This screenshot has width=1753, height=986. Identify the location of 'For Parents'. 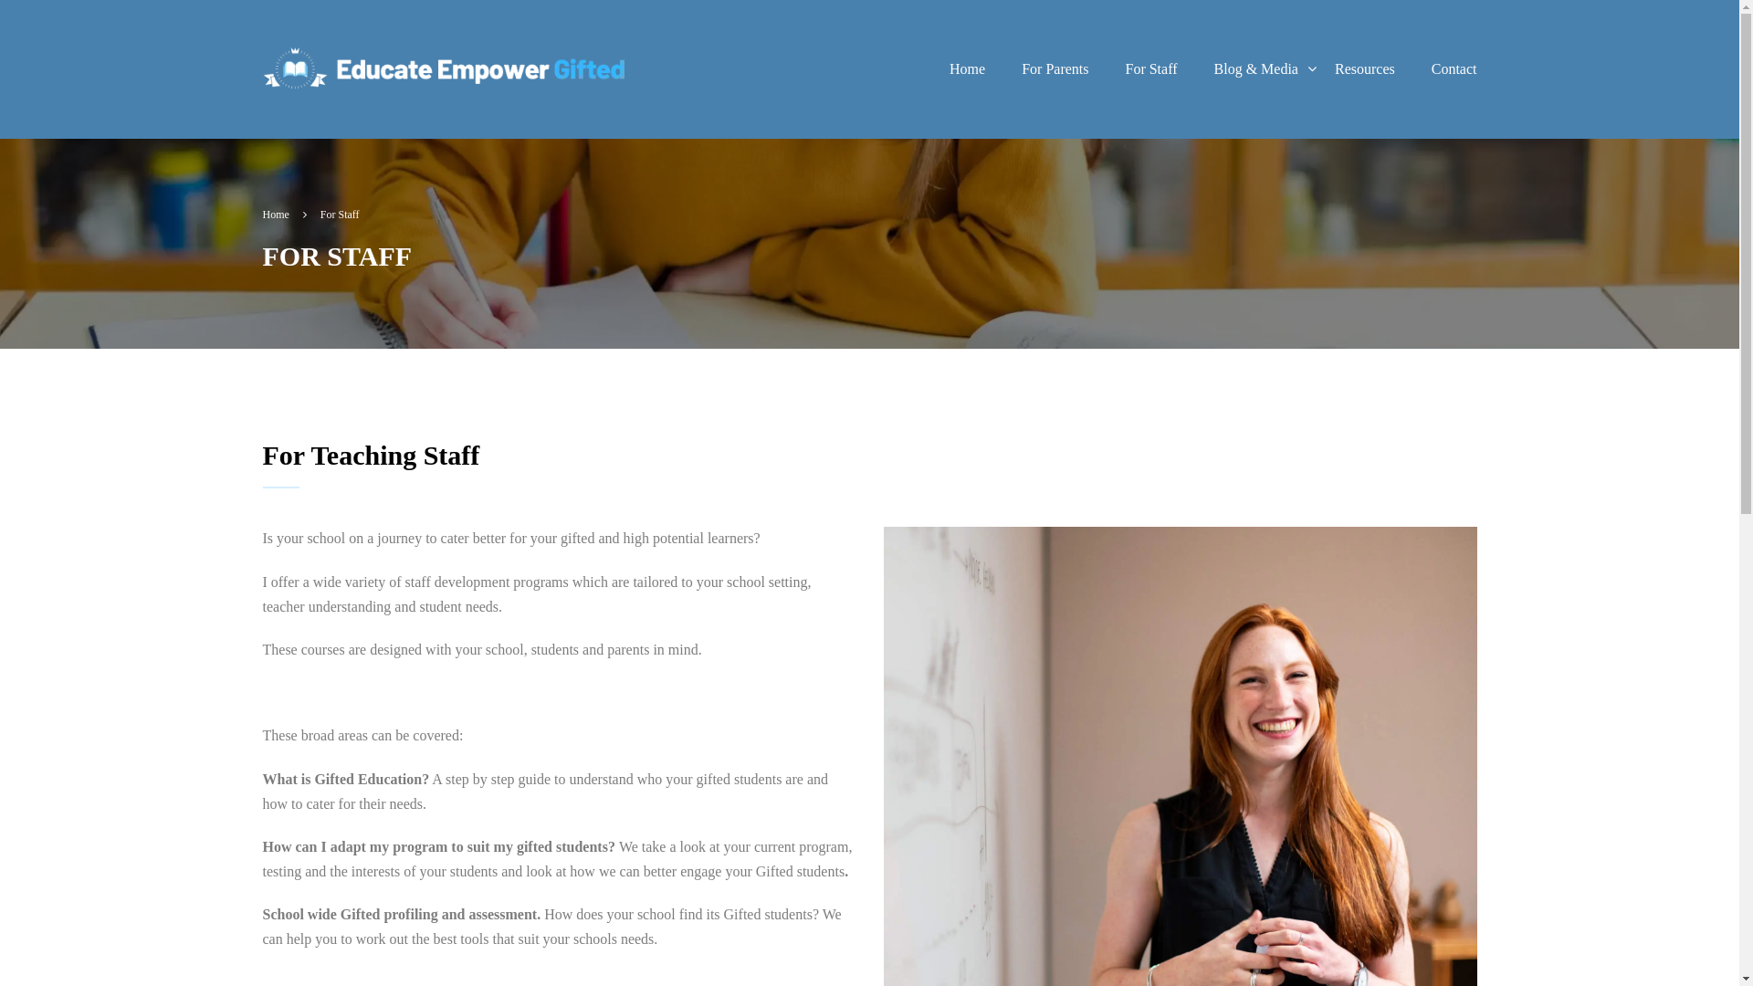
(1002, 68).